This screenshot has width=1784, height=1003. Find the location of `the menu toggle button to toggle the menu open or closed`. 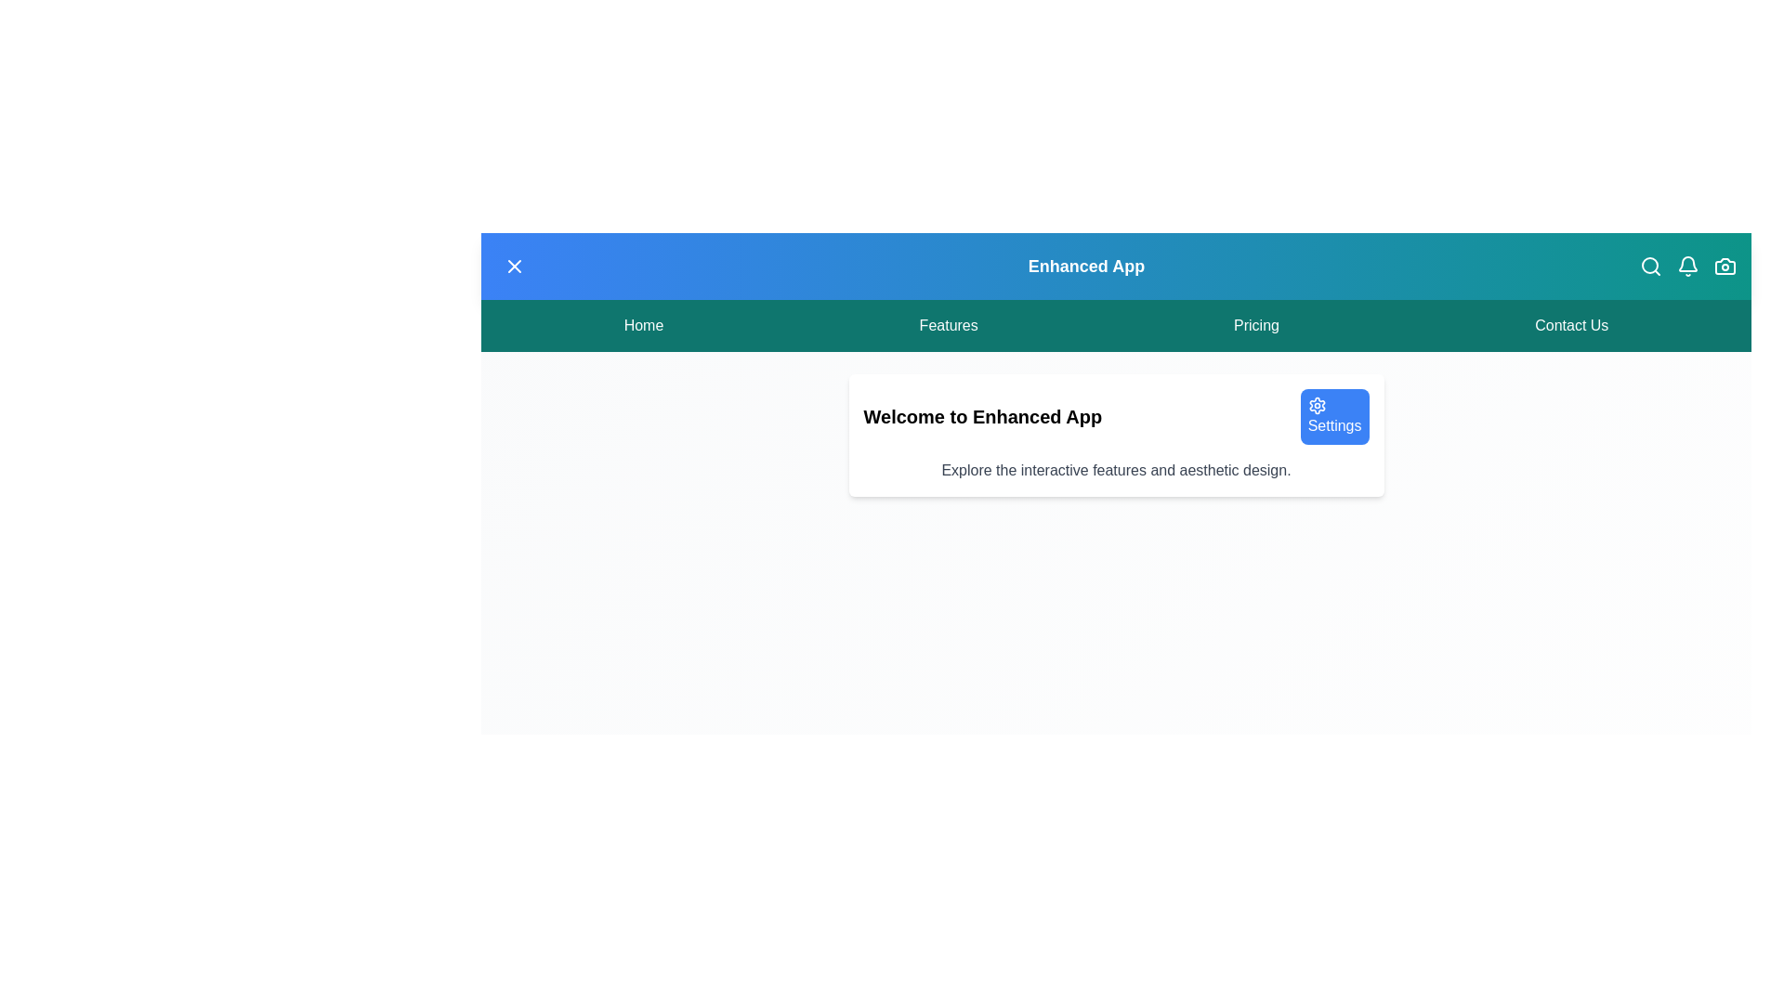

the menu toggle button to toggle the menu open or closed is located at coordinates (514, 266).